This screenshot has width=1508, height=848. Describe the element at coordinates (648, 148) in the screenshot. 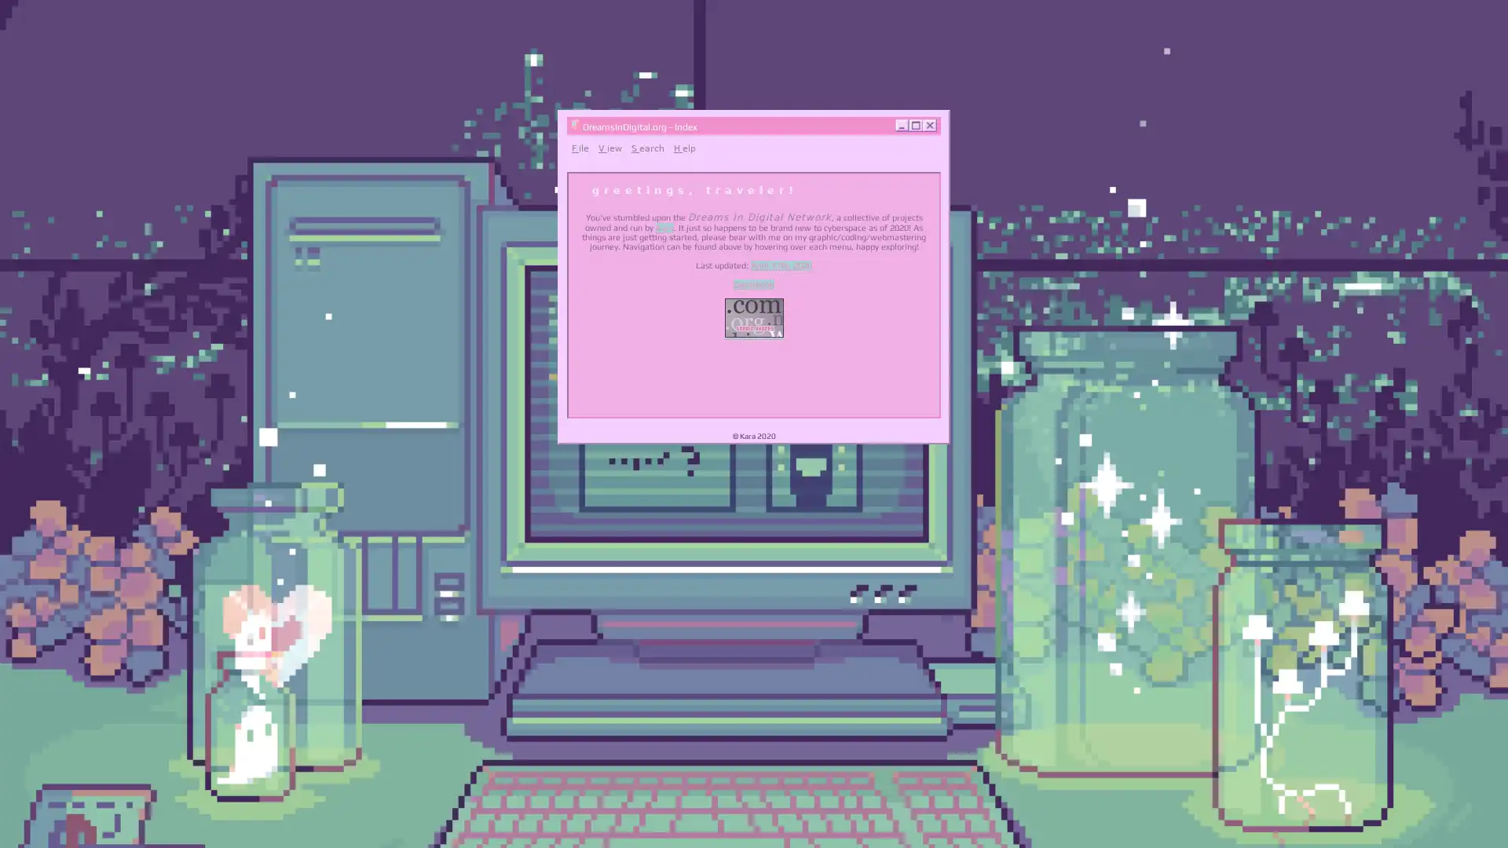

I see `Search` at that location.